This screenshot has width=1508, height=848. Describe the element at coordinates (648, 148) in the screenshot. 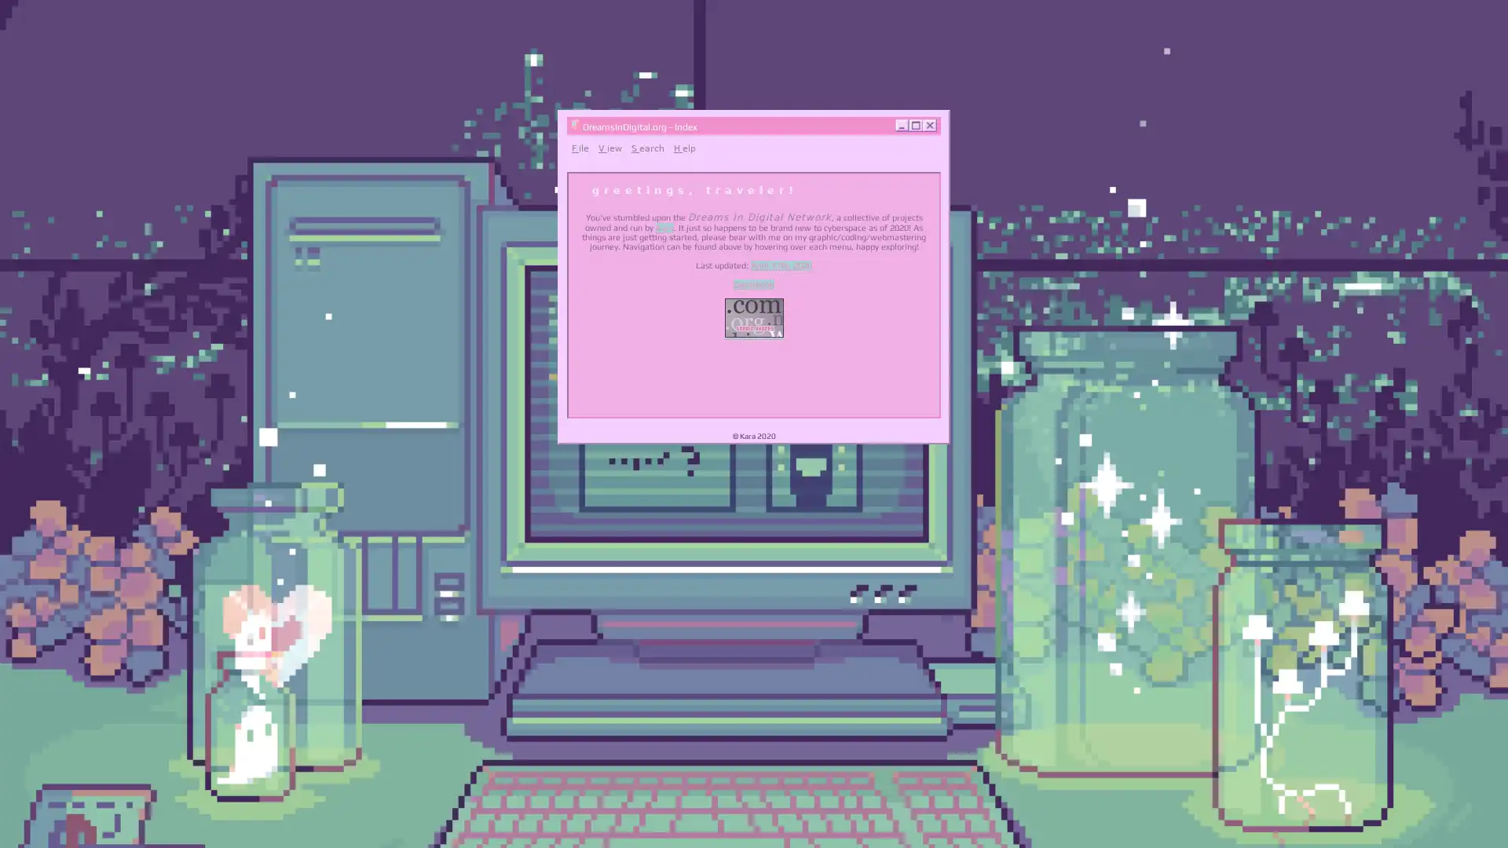

I see `Search` at that location.